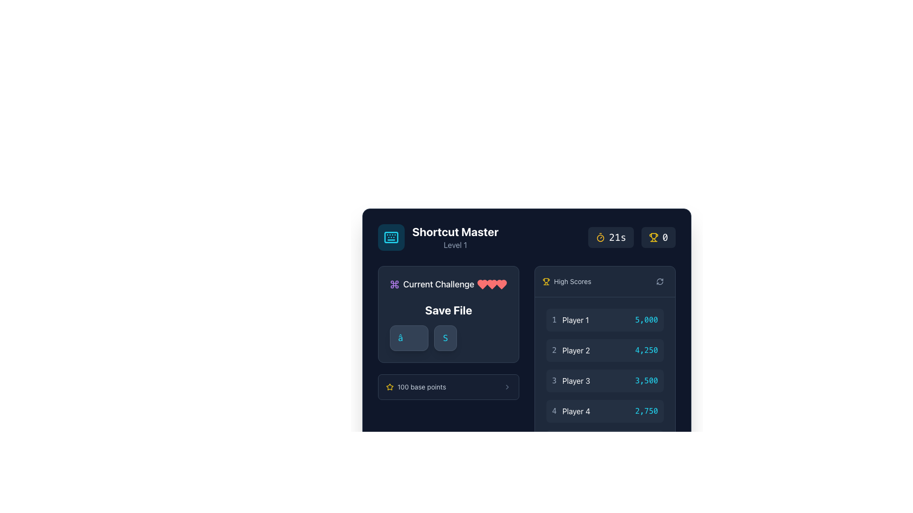 This screenshot has height=513, width=913. What do you see at coordinates (455, 245) in the screenshot?
I see `the Text label that indicates the current level, which is located directly below the 'Shortcut Master' text and is centrally aligned within the card-like section at the top-left part of the interface` at bounding box center [455, 245].